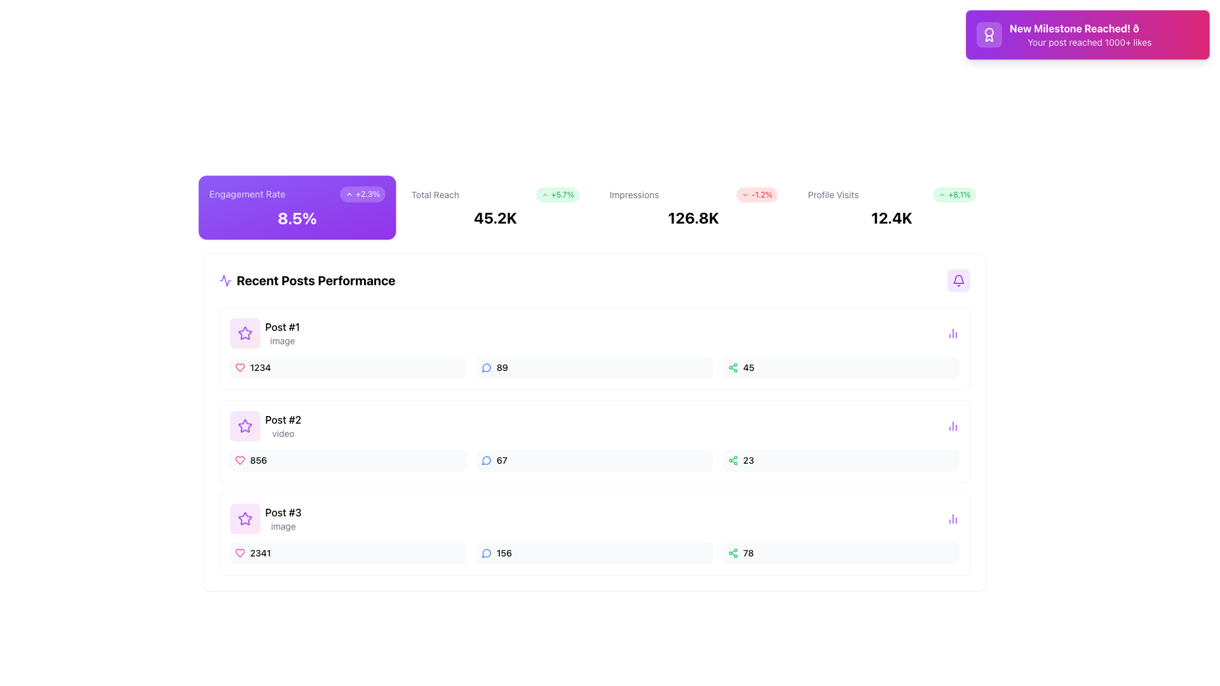 The height and width of the screenshot is (686, 1220). What do you see at coordinates (1087, 34) in the screenshot?
I see `the notification banner displaying 'New Milestone Reached! 🎉 Your post reached 1000+ likes' located at the top-right corner of the interface` at bounding box center [1087, 34].